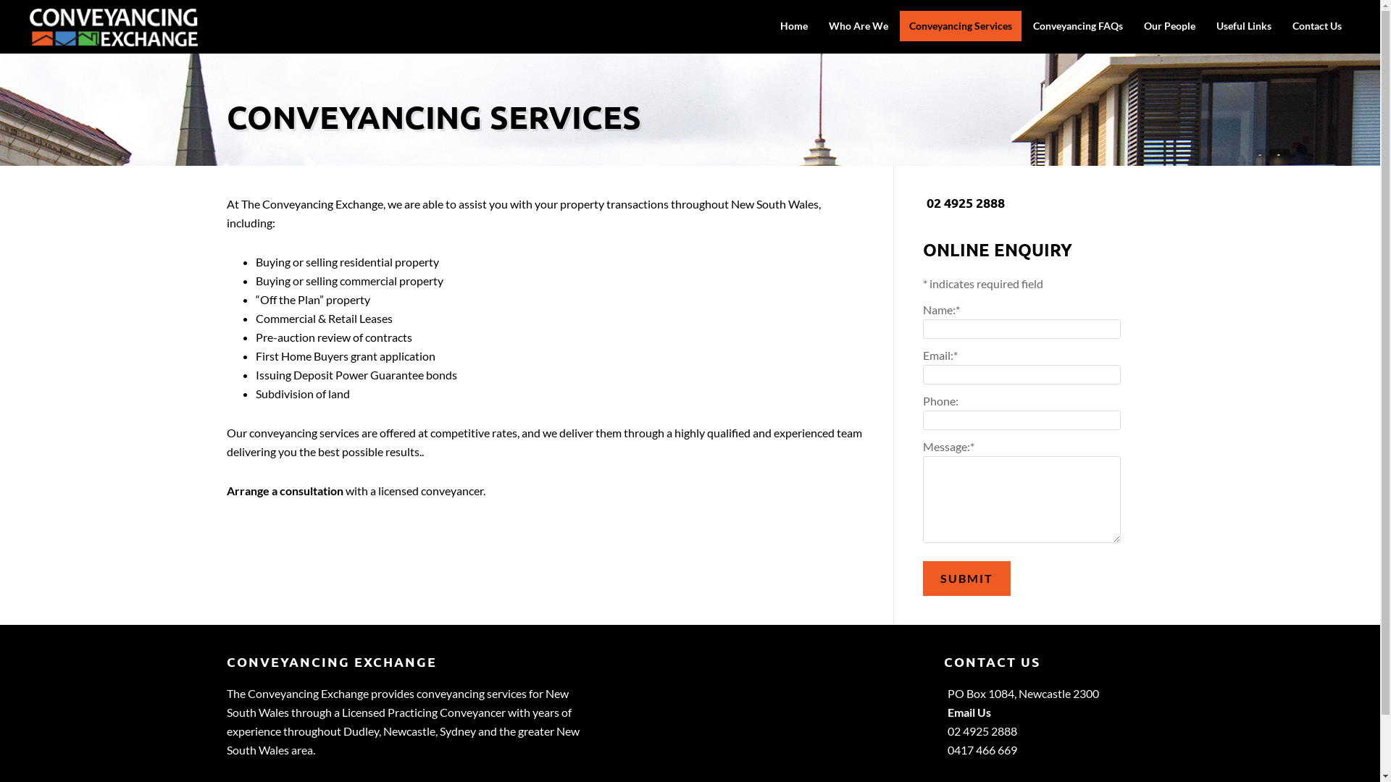  What do you see at coordinates (770, 25) in the screenshot?
I see `'Home'` at bounding box center [770, 25].